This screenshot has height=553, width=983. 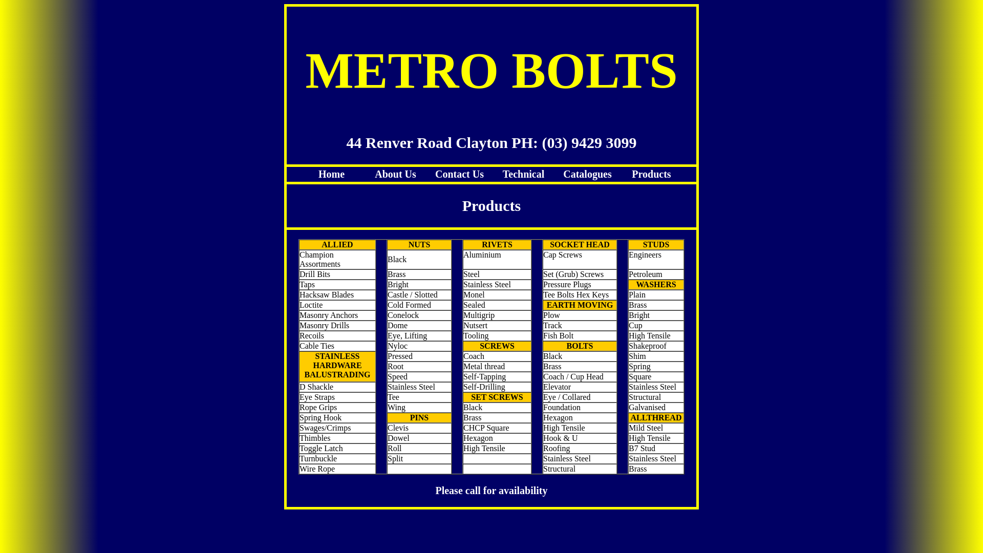 What do you see at coordinates (651, 173) in the screenshot?
I see `'Products'` at bounding box center [651, 173].